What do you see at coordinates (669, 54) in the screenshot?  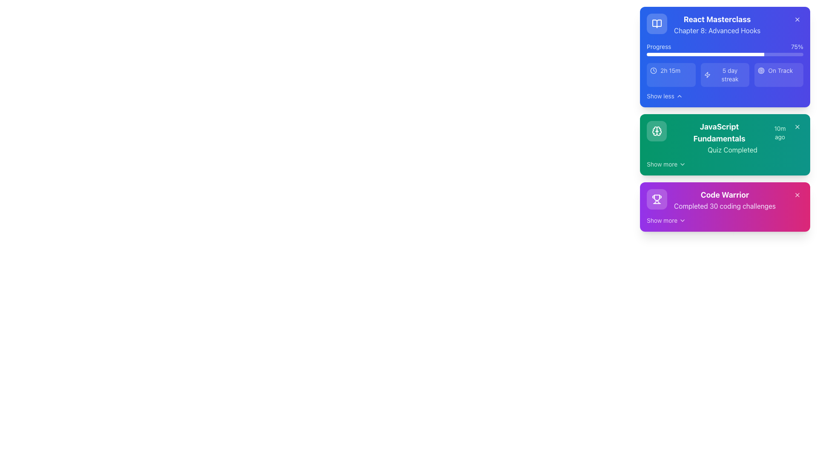 I see `the progress` at bounding box center [669, 54].